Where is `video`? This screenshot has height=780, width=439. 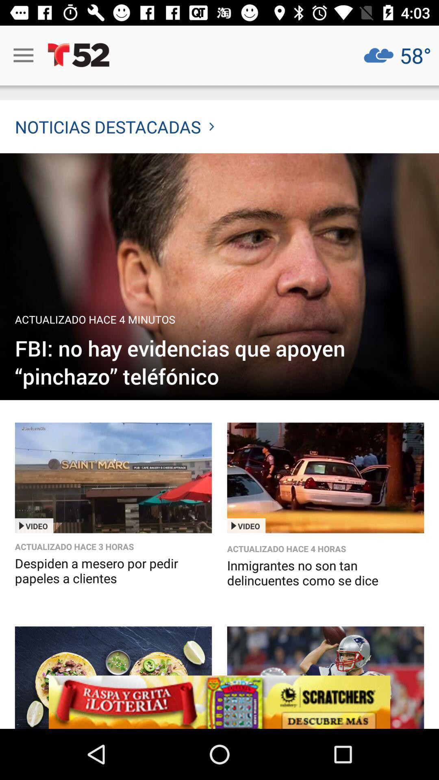
video is located at coordinates (113, 478).